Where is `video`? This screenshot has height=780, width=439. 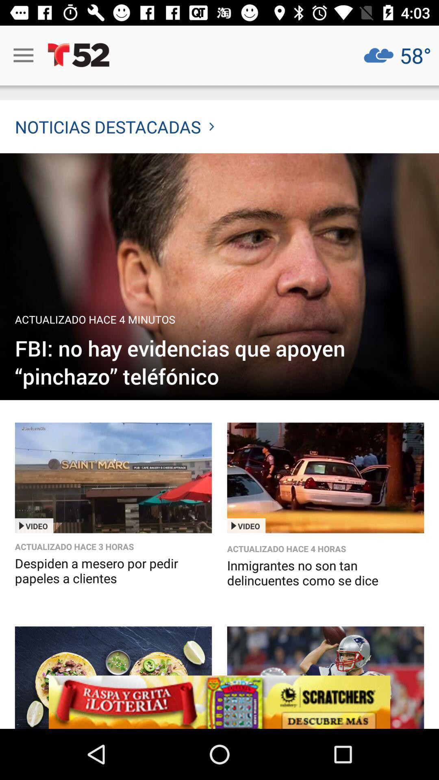
video is located at coordinates (113, 478).